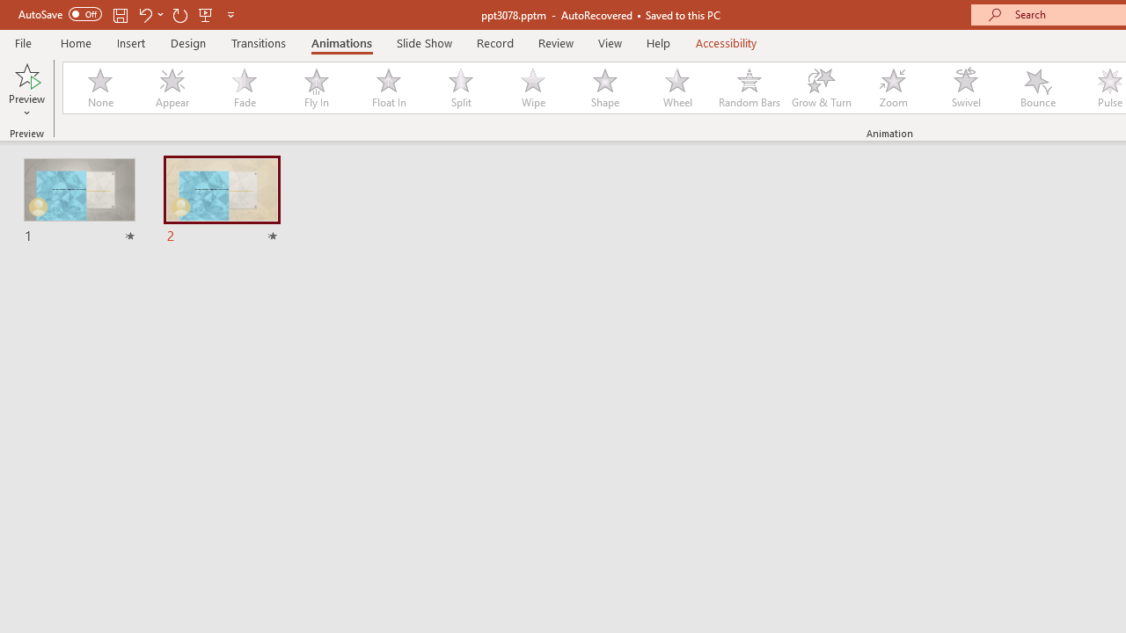 This screenshot has width=1126, height=633. Describe the element at coordinates (460, 88) in the screenshot. I see `'Split'` at that location.